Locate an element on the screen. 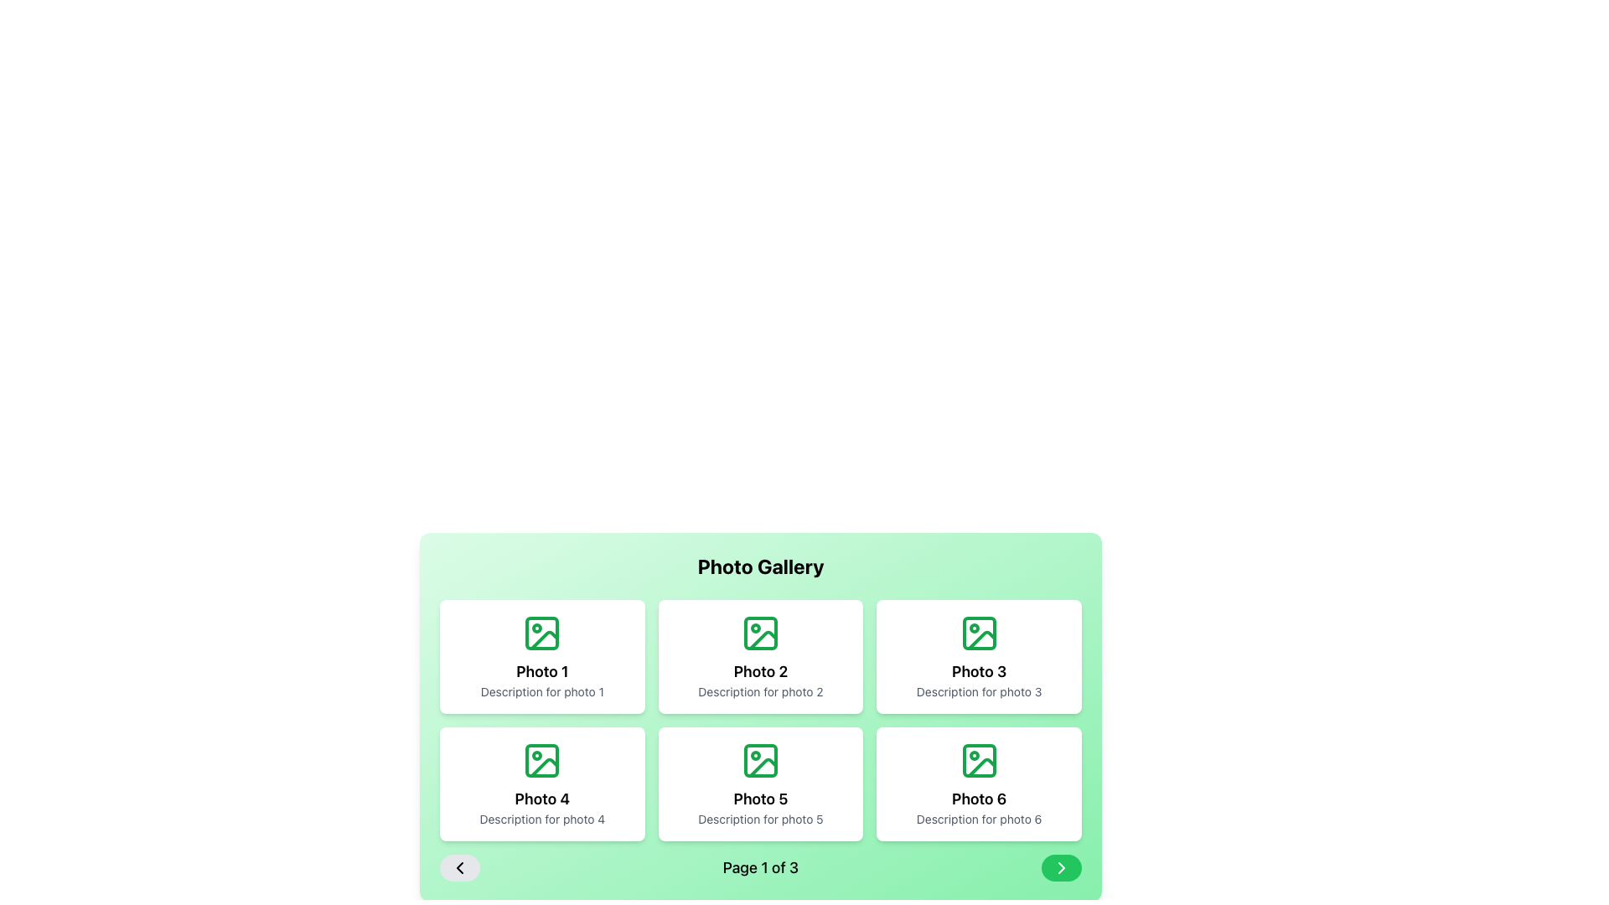 The width and height of the screenshot is (1609, 905). the icon representing Photo 3 in the gallery, located in the middle of the second row of the grid layout is located at coordinates (979, 633).